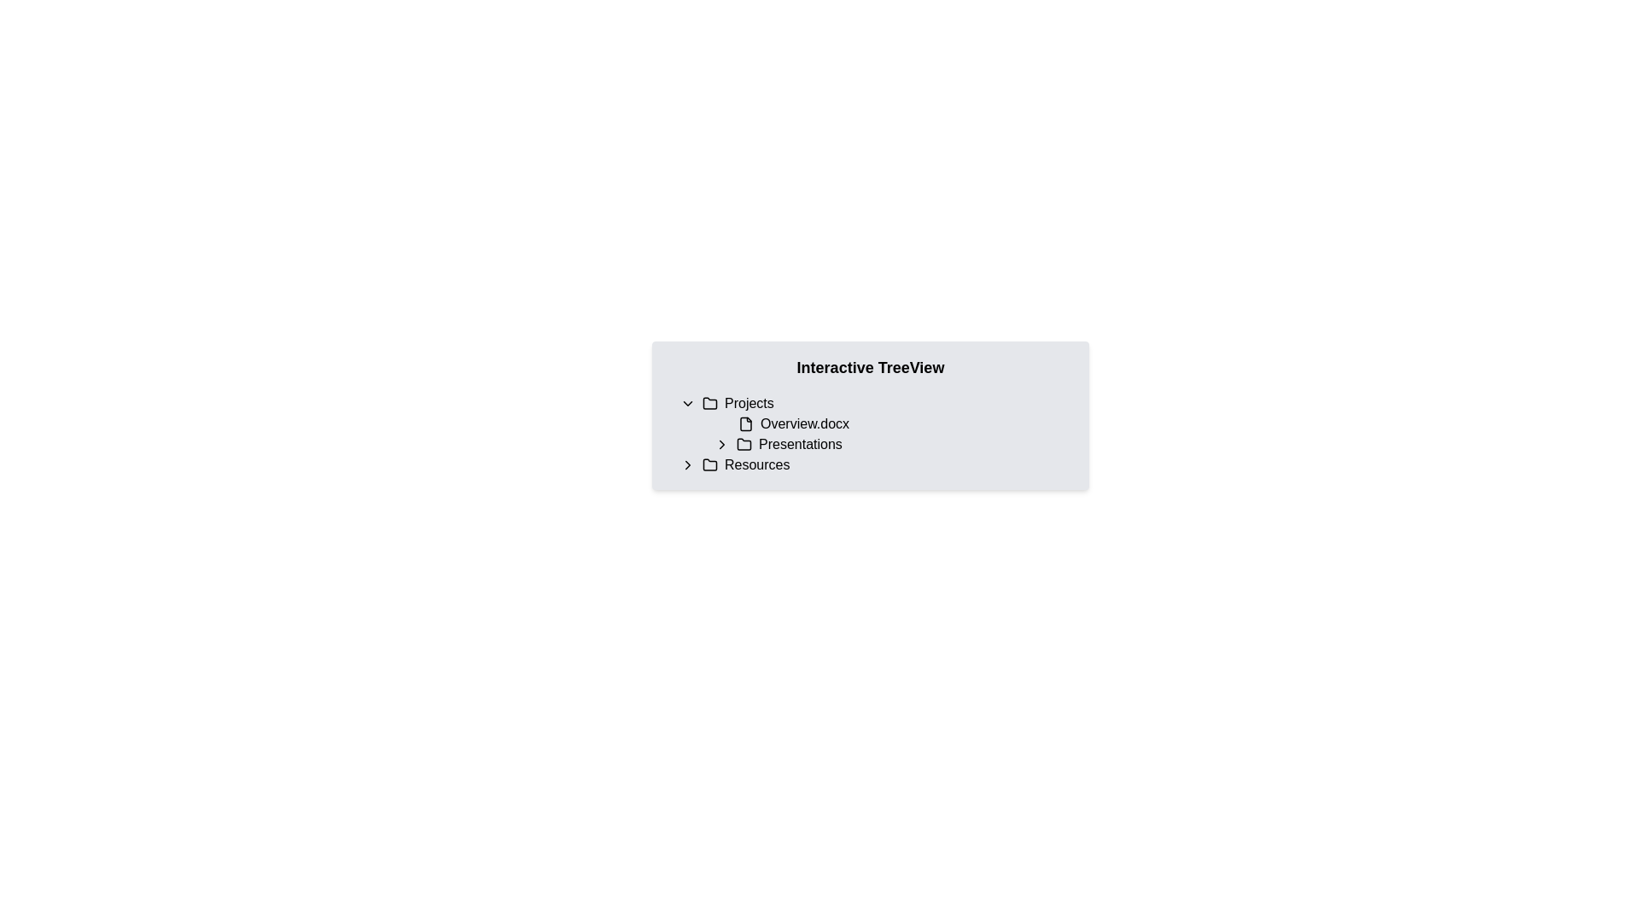 This screenshot has width=1639, height=922. Describe the element at coordinates (688, 464) in the screenshot. I see `the chevron icon located immediately to the left of the 'Resources' text` at that location.